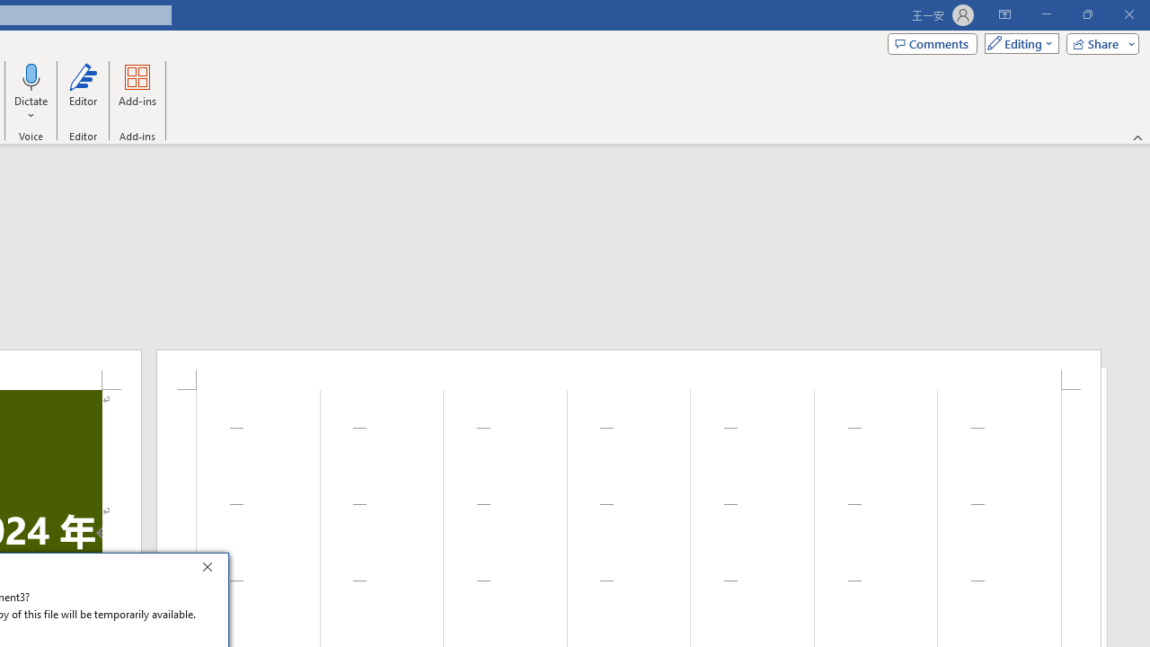 The width and height of the screenshot is (1150, 647). What do you see at coordinates (1098, 42) in the screenshot?
I see `'Share'` at bounding box center [1098, 42].